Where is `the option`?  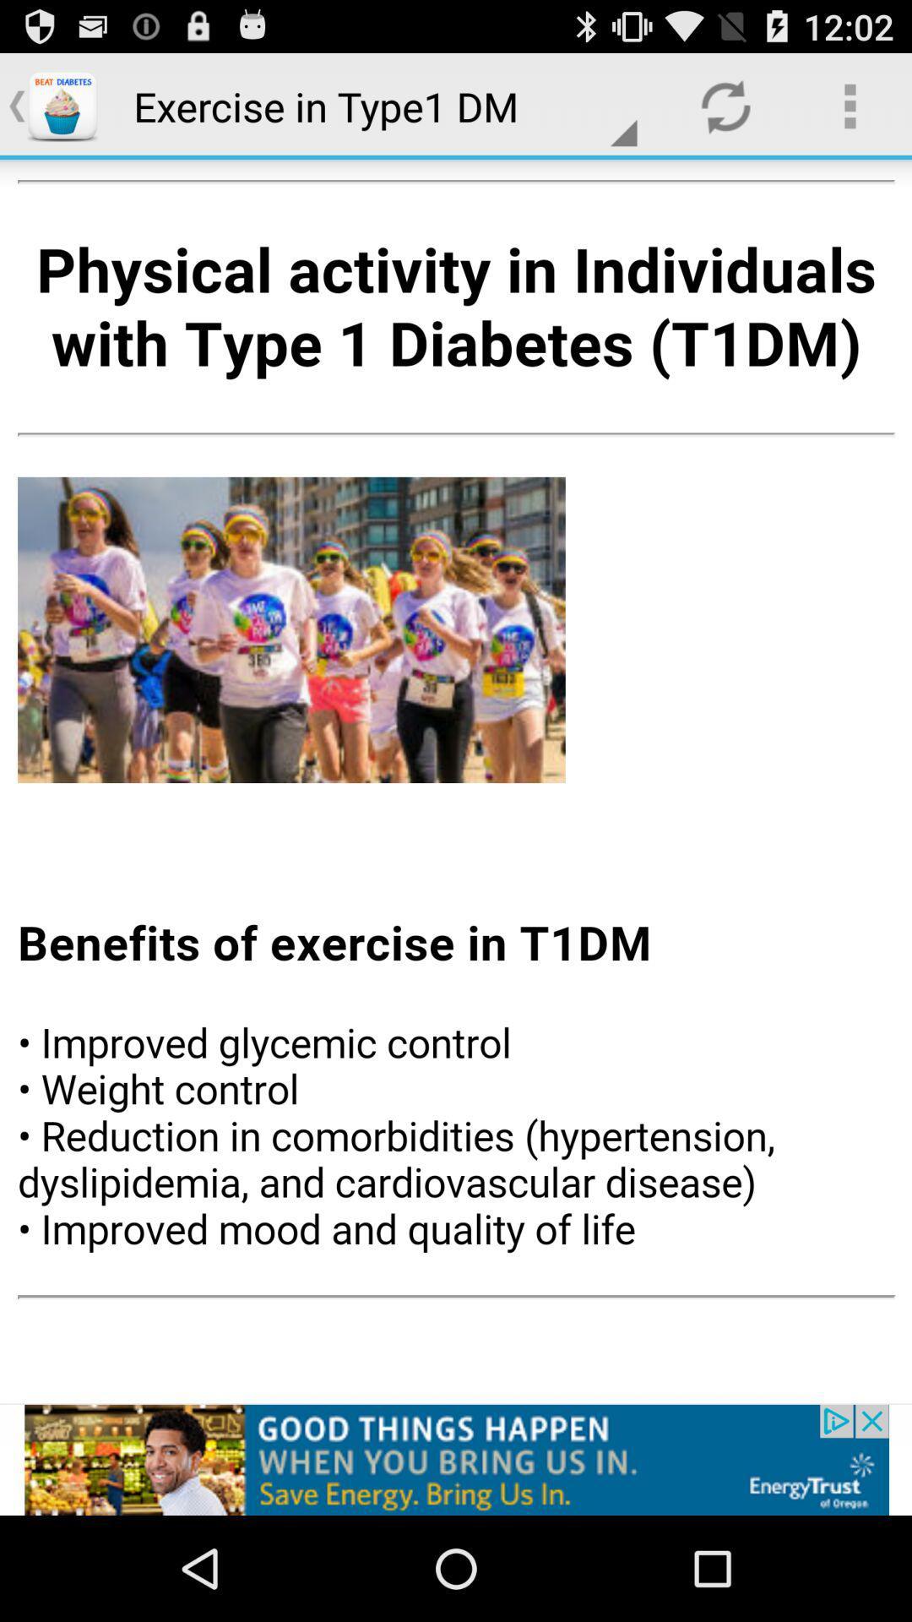
the option is located at coordinates (456, 1459).